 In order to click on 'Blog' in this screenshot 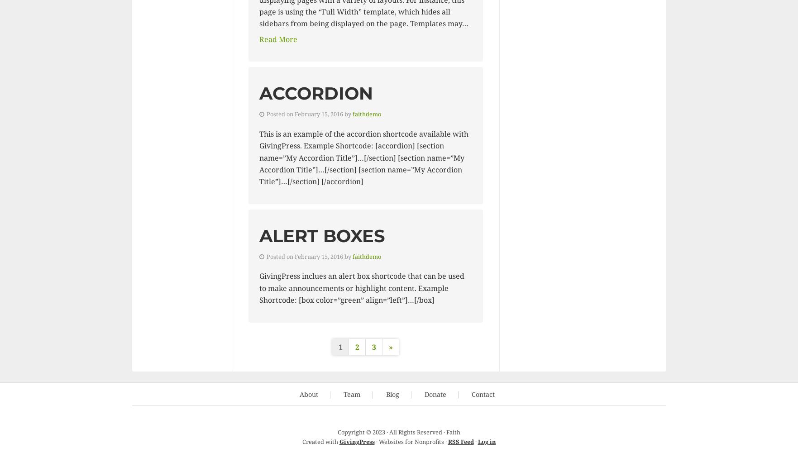, I will do `click(392, 394)`.